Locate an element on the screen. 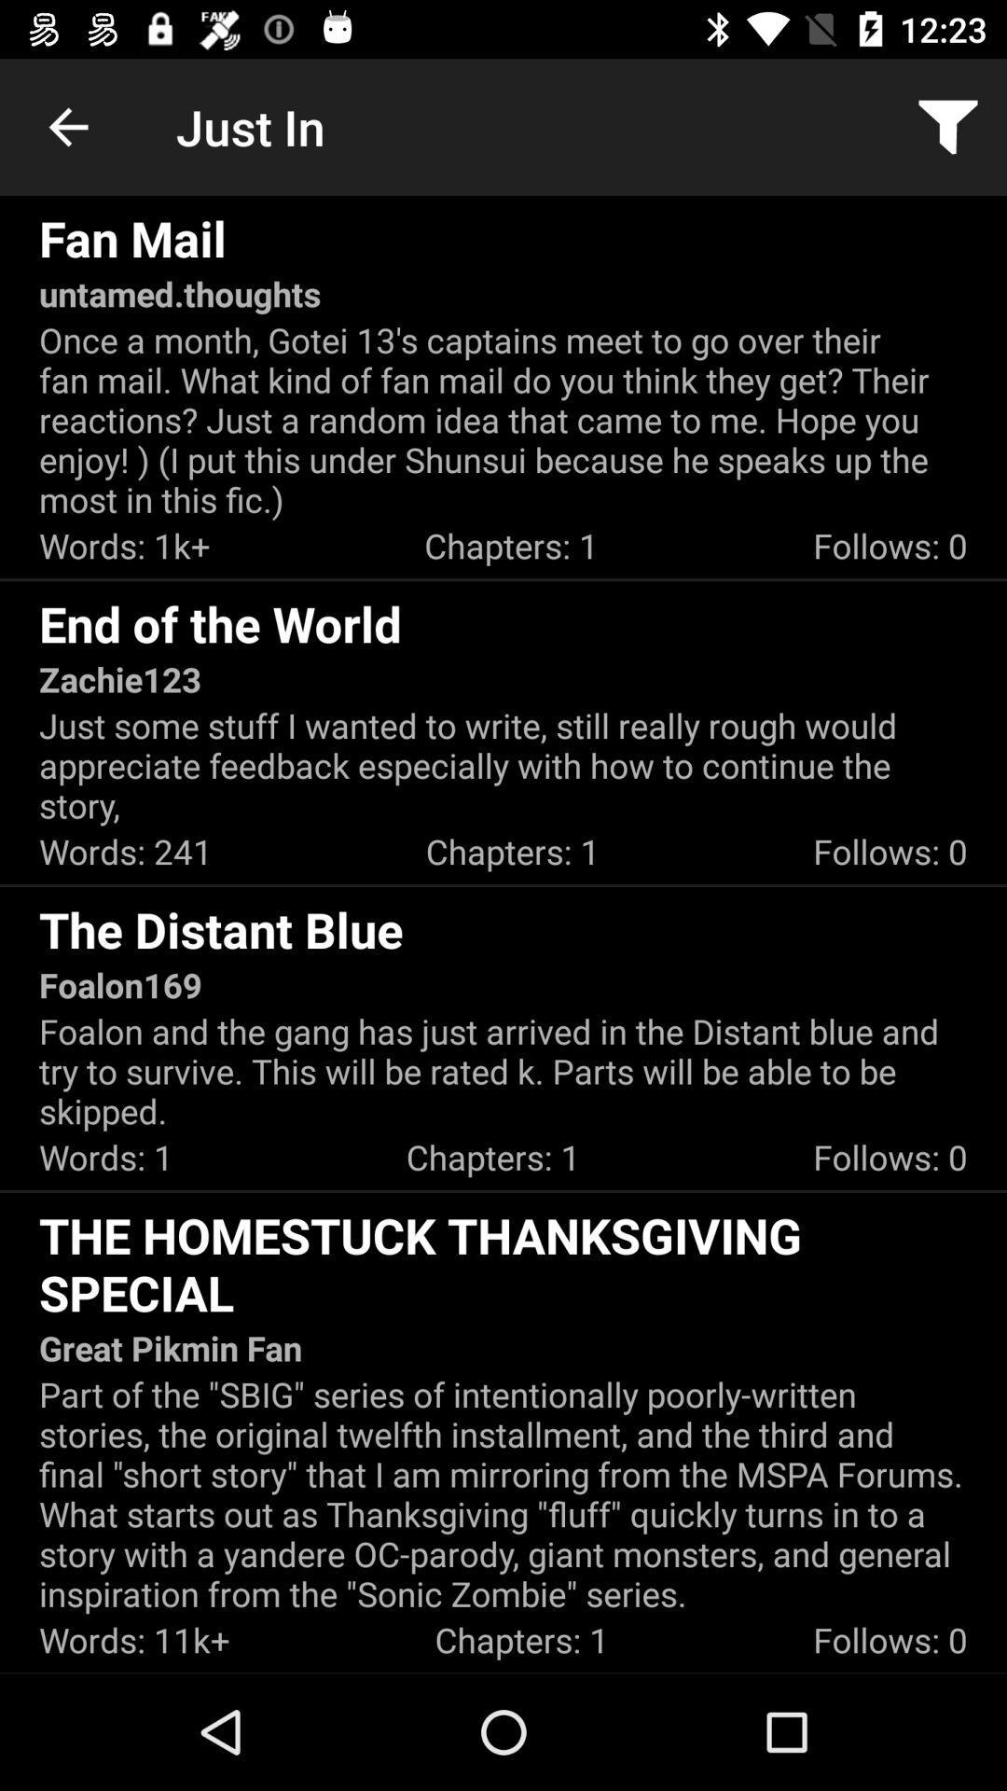 The image size is (1007, 1791). the app next to the just in app is located at coordinates (948, 126).